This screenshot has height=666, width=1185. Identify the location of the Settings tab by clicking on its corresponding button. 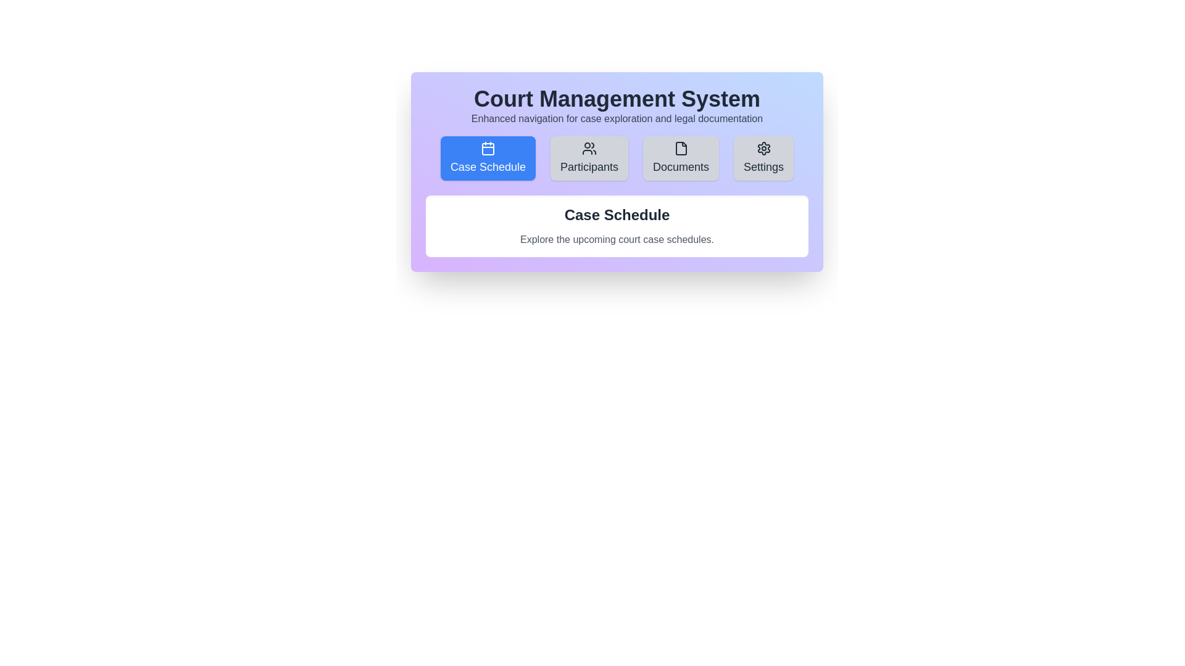
(763, 158).